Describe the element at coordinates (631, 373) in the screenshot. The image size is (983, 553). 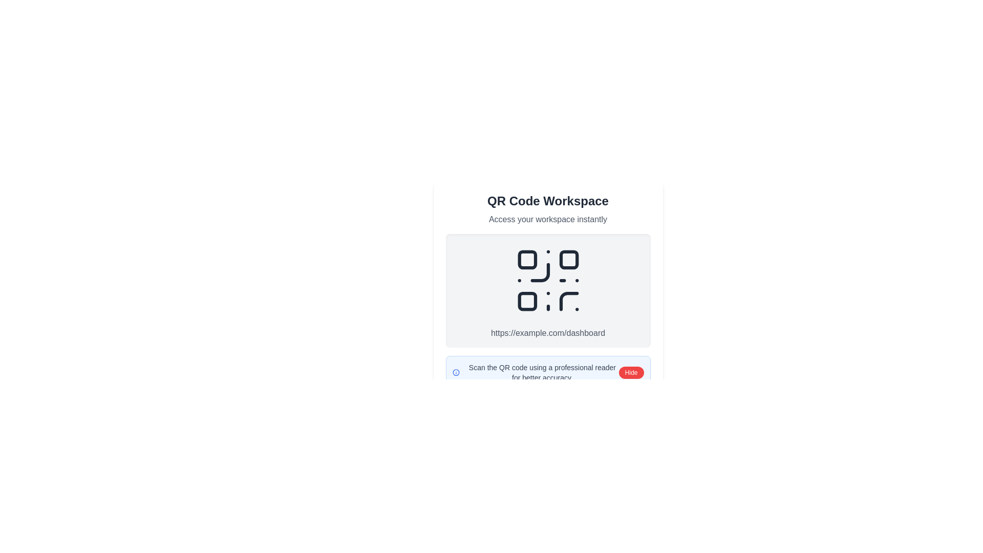
I see `the 'Hide' button` at that location.